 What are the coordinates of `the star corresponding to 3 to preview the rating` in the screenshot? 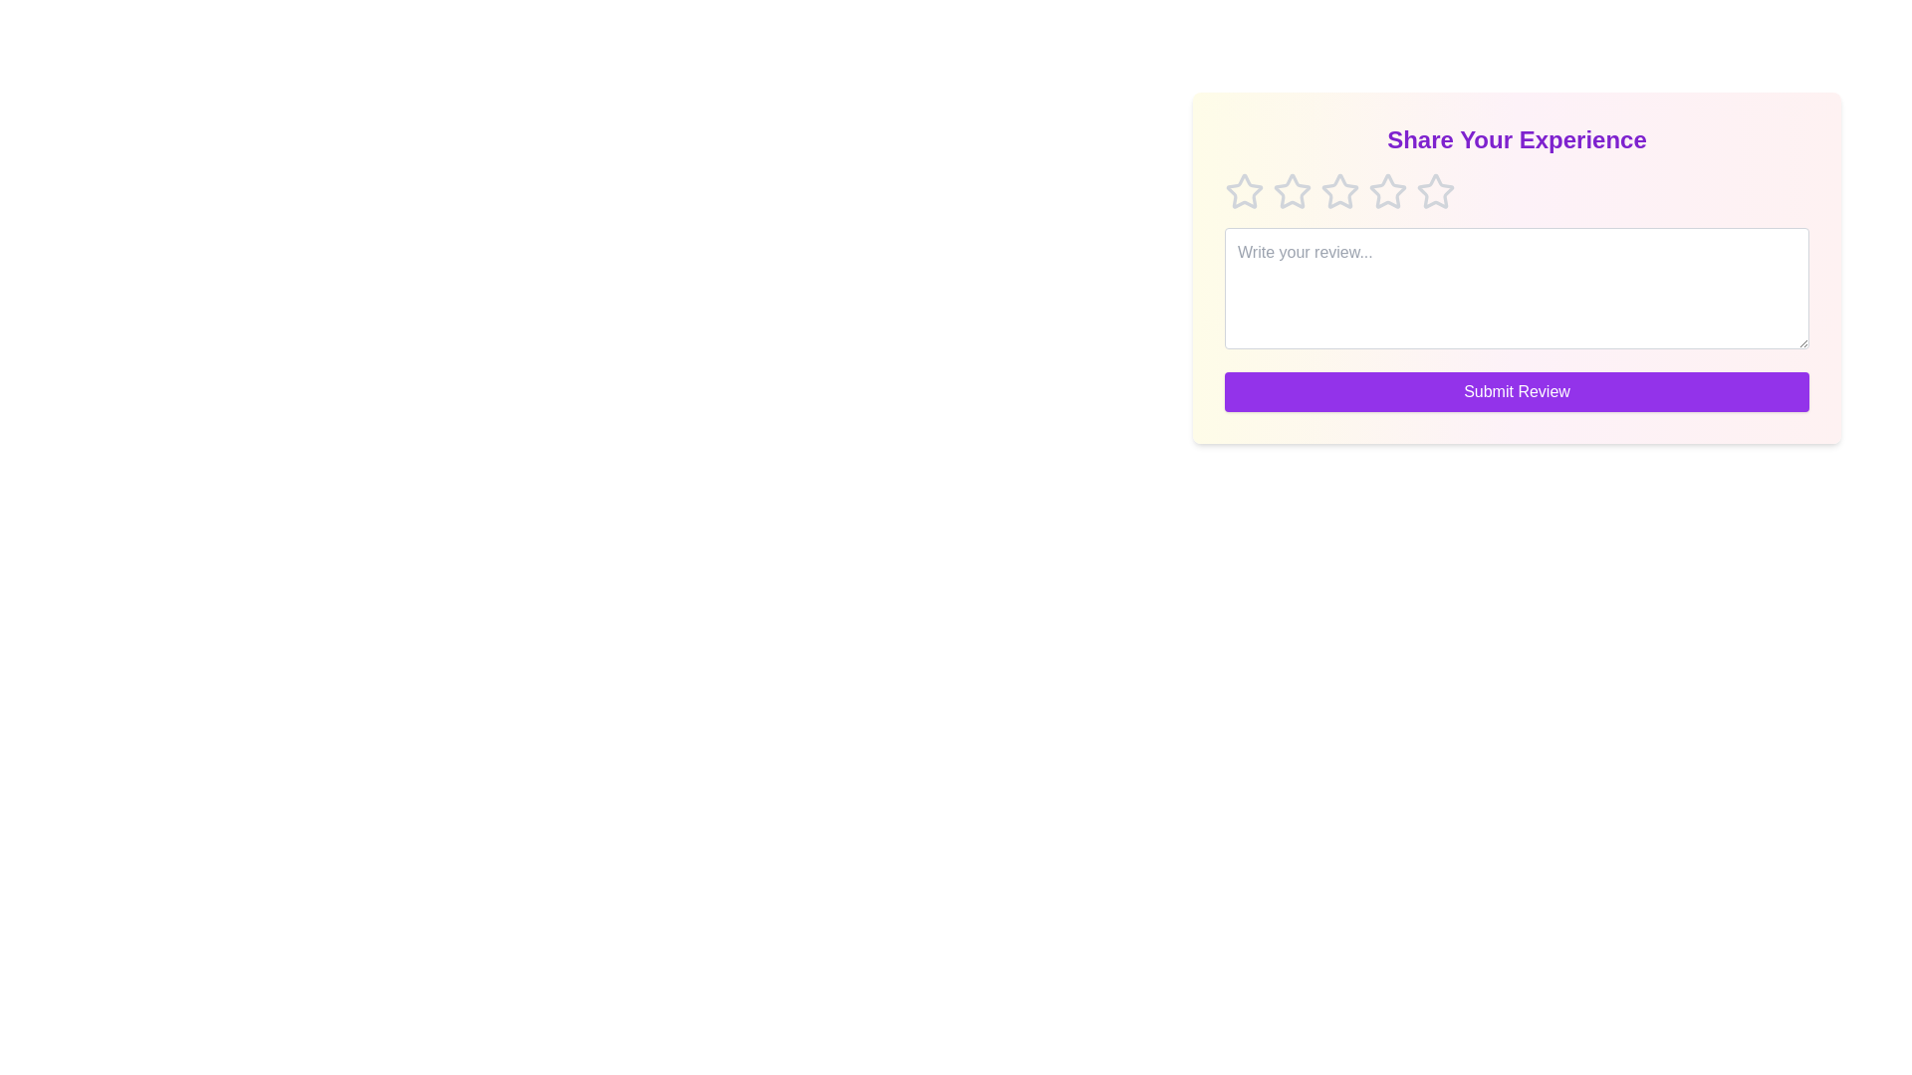 It's located at (1339, 191).